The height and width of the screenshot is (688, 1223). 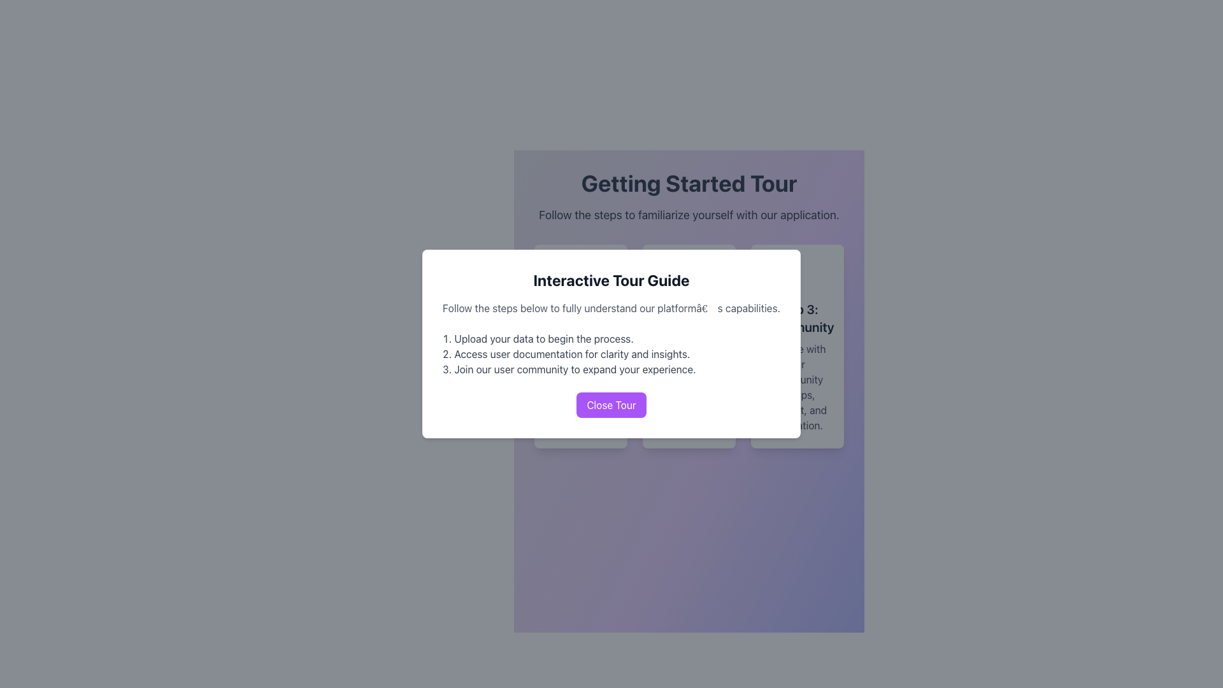 What do you see at coordinates (611, 338) in the screenshot?
I see `instructional text for uploading data, located at the center of the first item in the numbered list within the 'Interactive Tour Guide' dialog box` at bounding box center [611, 338].